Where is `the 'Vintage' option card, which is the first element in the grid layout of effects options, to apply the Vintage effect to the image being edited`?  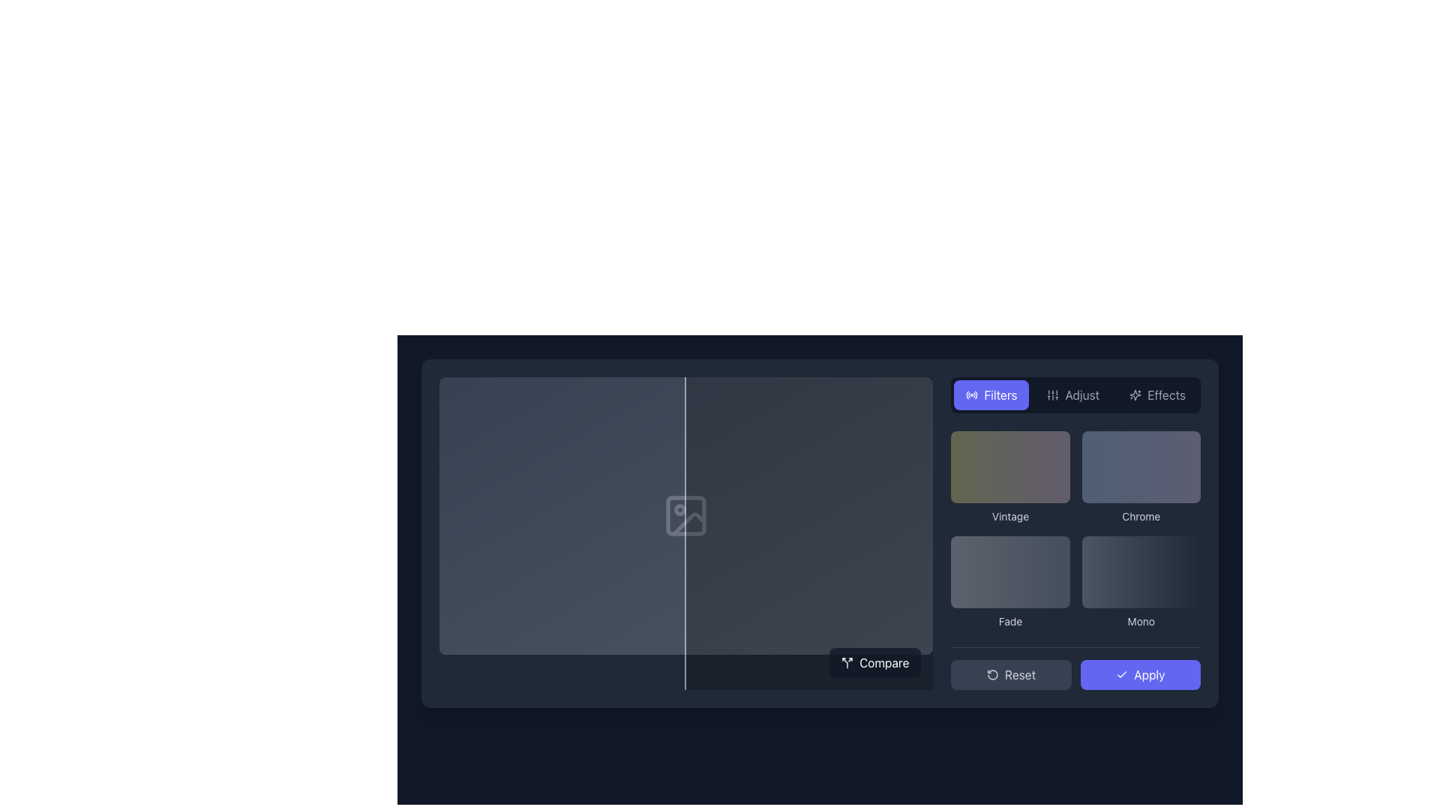 the 'Vintage' option card, which is the first element in the grid layout of effects options, to apply the Vintage effect to the image being edited is located at coordinates (1010, 477).